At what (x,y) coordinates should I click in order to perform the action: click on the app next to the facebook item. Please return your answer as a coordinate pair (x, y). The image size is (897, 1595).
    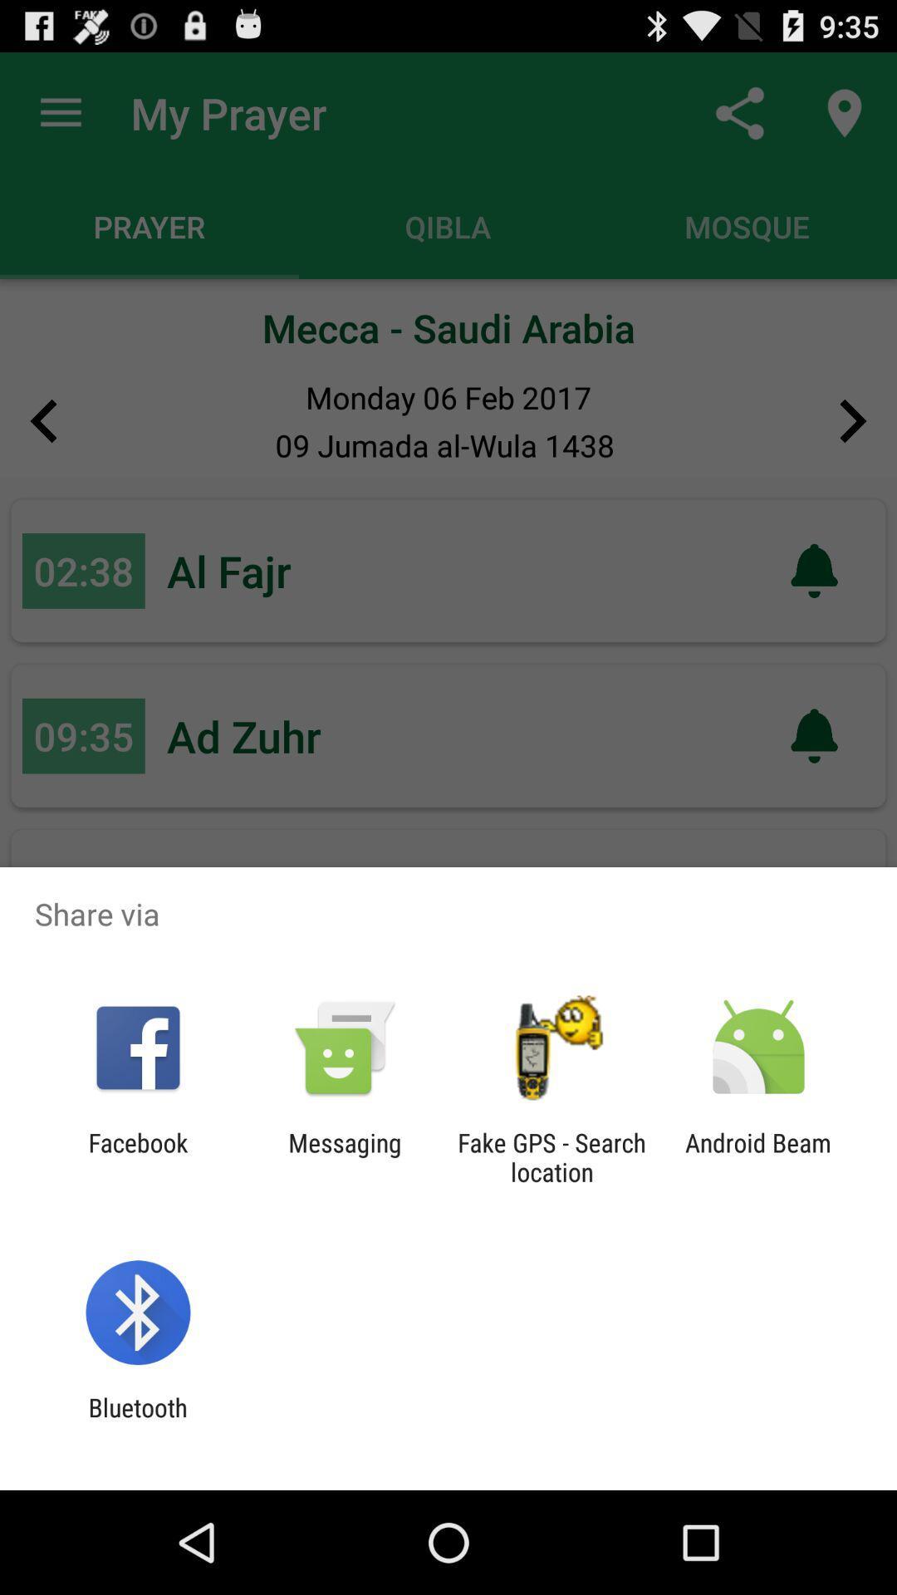
    Looking at the image, I should click on (344, 1156).